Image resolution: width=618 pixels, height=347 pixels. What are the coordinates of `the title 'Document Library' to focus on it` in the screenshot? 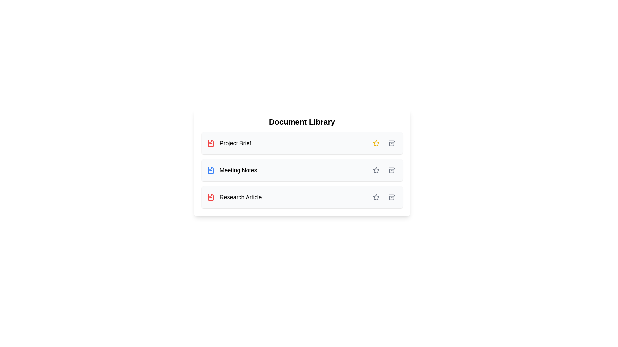 It's located at (302, 122).